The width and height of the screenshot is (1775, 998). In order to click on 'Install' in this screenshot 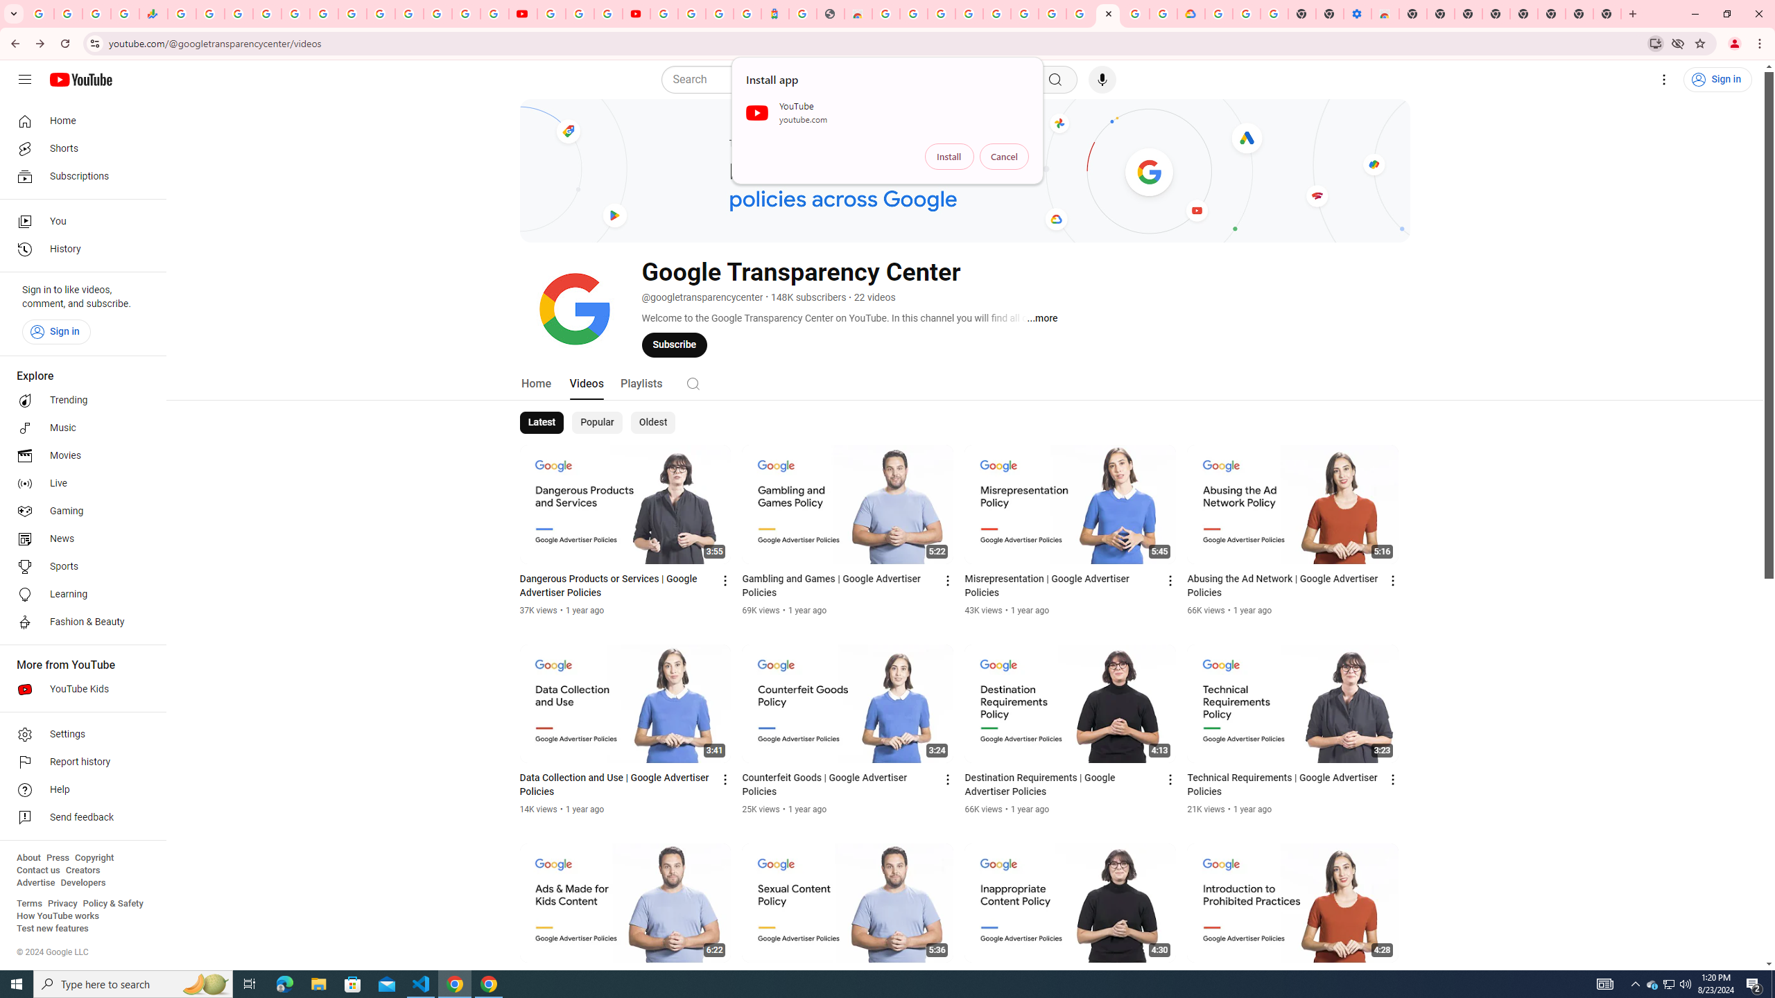, I will do `click(949, 156)`.